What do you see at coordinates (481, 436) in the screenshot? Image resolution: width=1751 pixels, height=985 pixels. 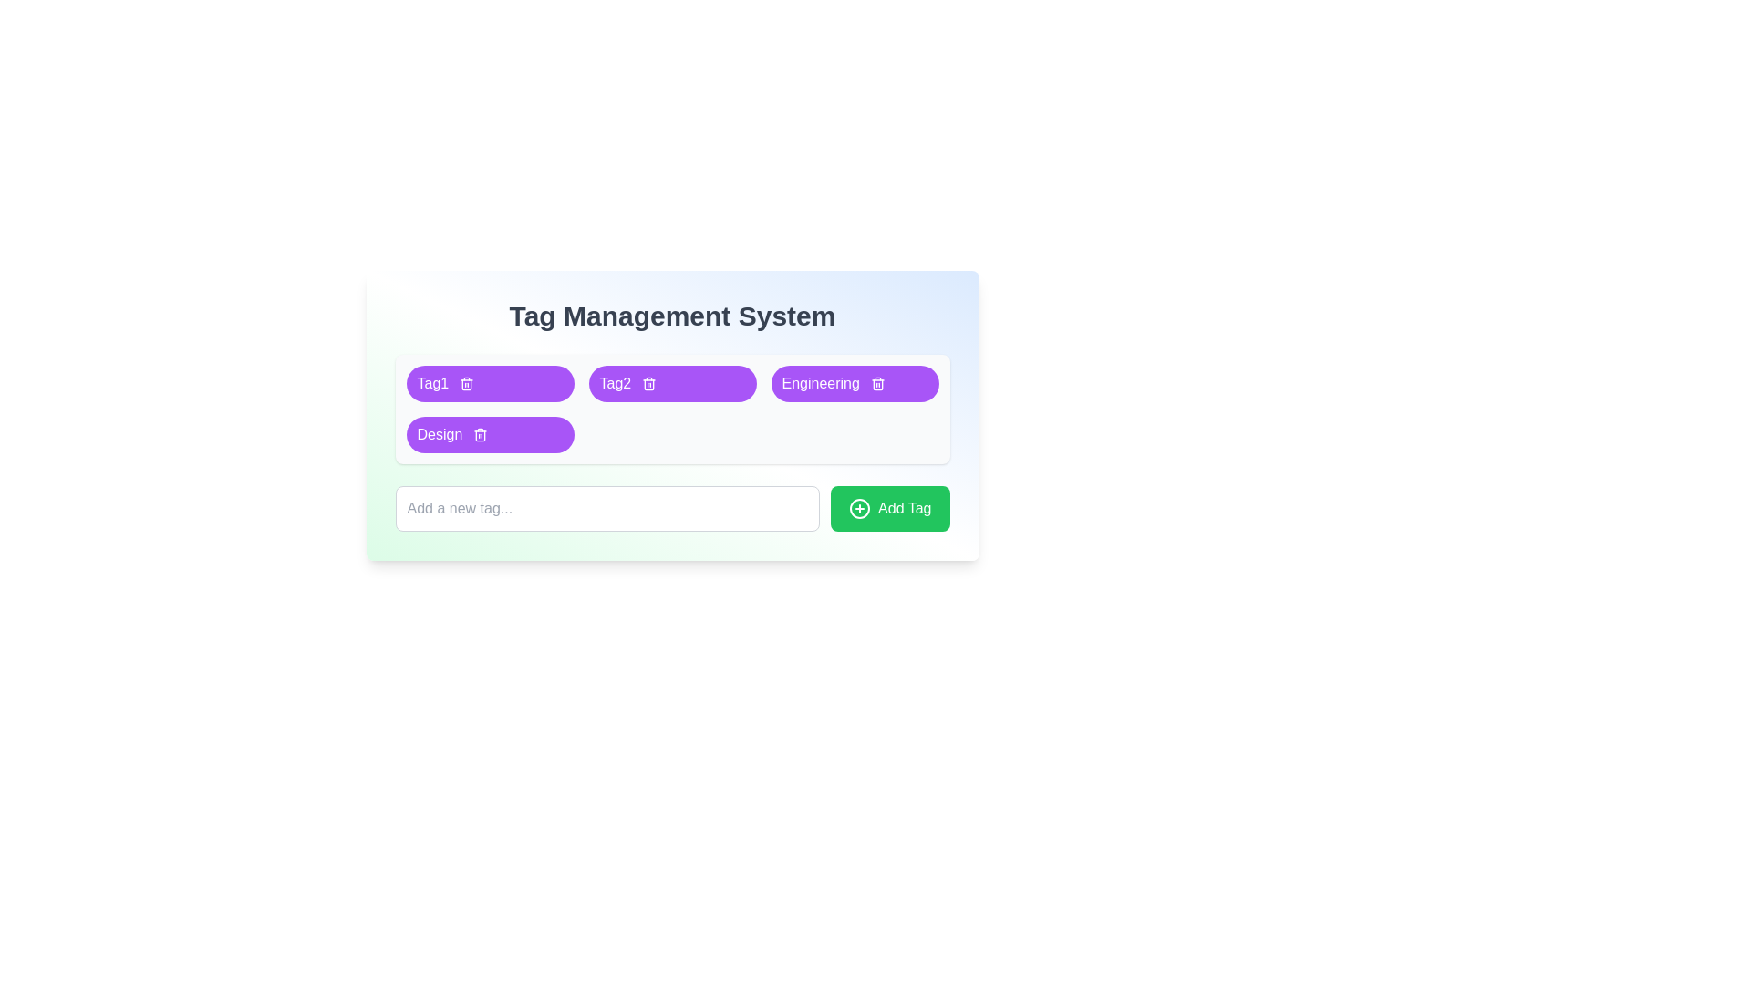 I see `the trash bin icon button located to the right of the 'Design' text in the fourth tag pill of the second row` at bounding box center [481, 436].